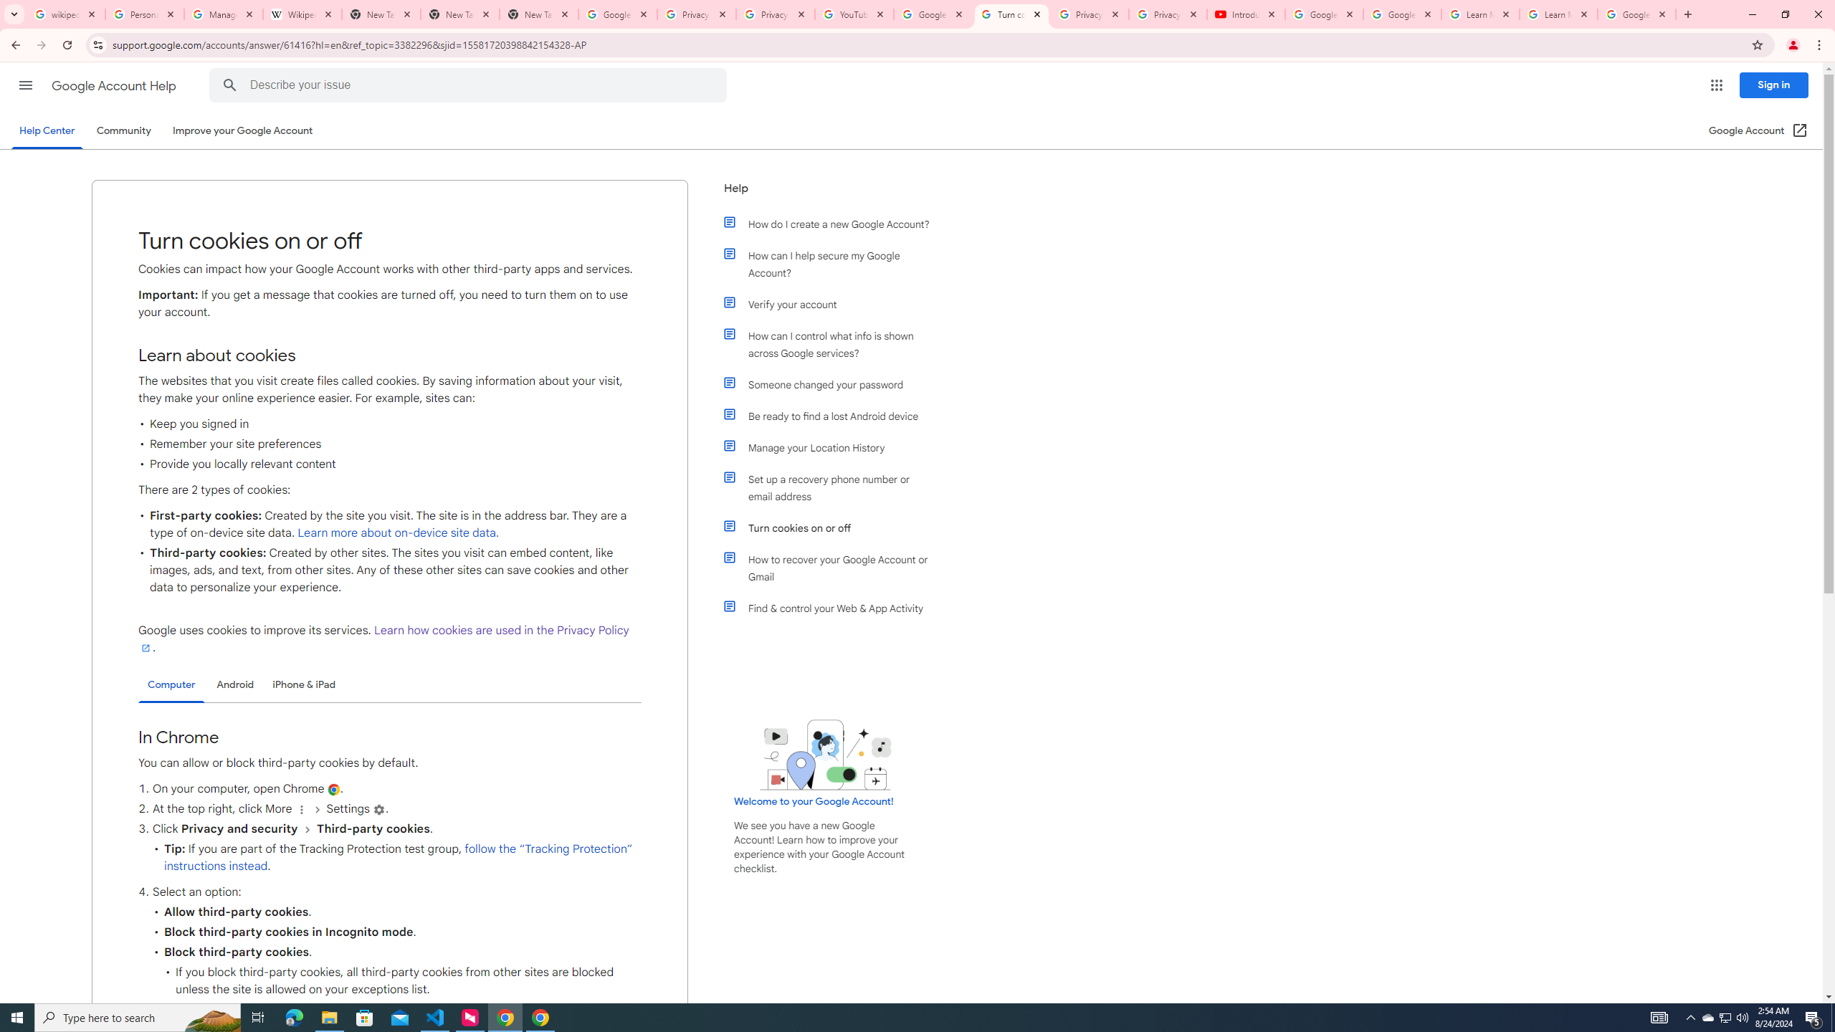  I want to click on 'Find & control your Web & App Activity', so click(833, 607).